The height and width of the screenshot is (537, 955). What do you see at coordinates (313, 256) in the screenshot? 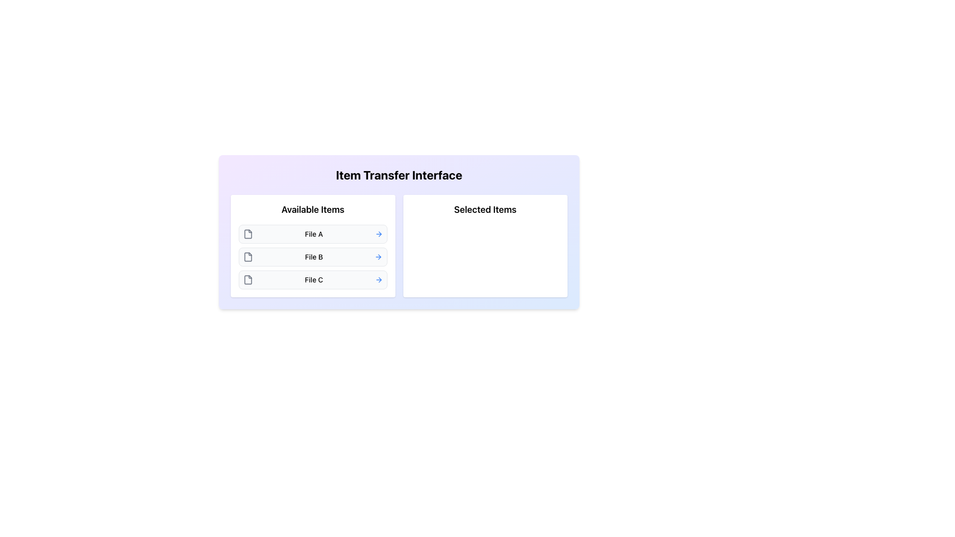
I see `label of the text element indicating 'File B', which is the second entry in the list of available files in the Item Transfer Interface` at bounding box center [313, 256].